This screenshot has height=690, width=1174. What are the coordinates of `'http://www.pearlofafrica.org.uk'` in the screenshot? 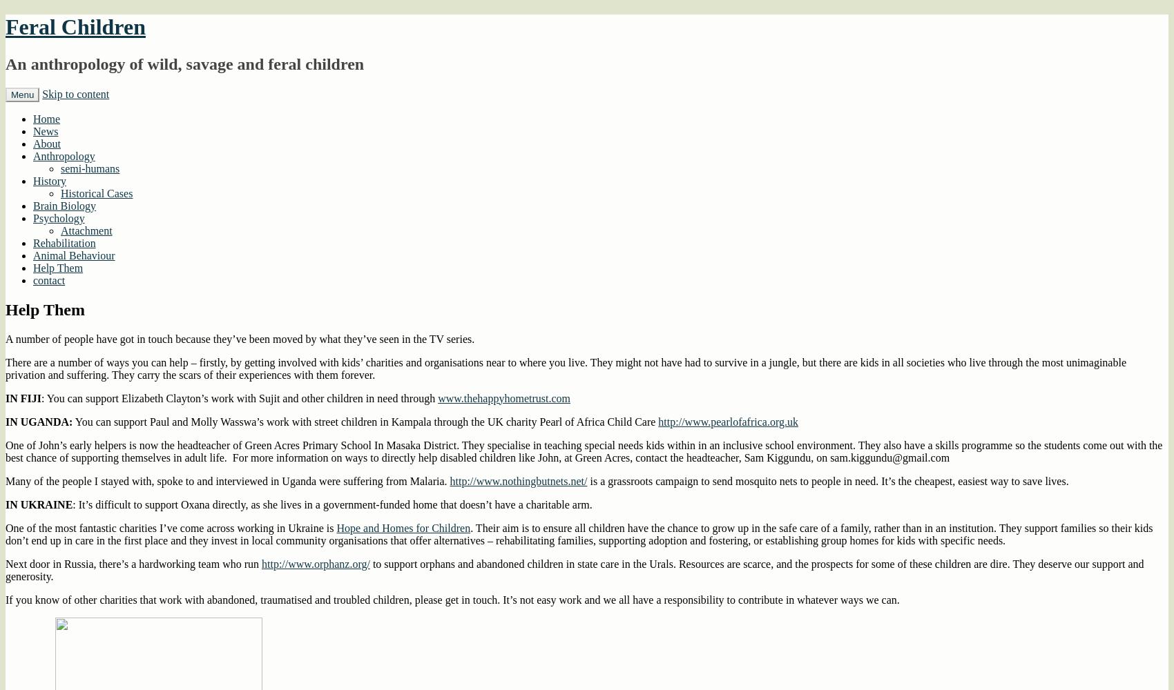 It's located at (658, 420).